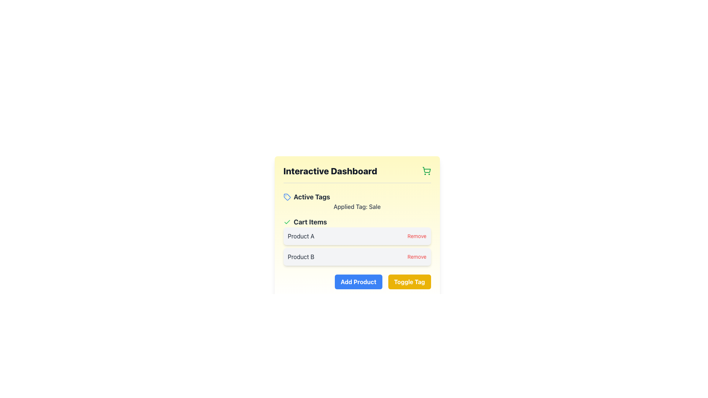  Describe the element at coordinates (287, 221) in the screenshot. I see `the icon indicating completion or selection of the 'Cart Items' section, located to the far left of the 'Cart Items' text in the header section` at that location.